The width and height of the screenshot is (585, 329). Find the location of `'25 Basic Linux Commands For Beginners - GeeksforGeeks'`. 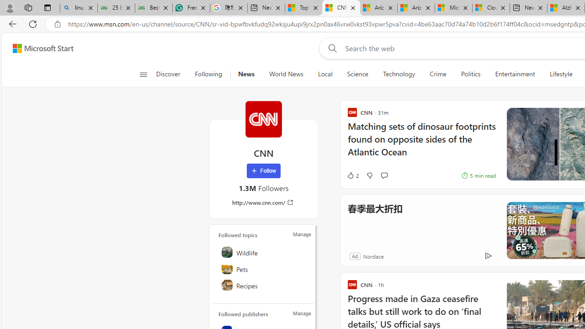

'25 Basic Linux Commands For Beginners - GeeksforGeeks' is located at coordinates (116, 8).